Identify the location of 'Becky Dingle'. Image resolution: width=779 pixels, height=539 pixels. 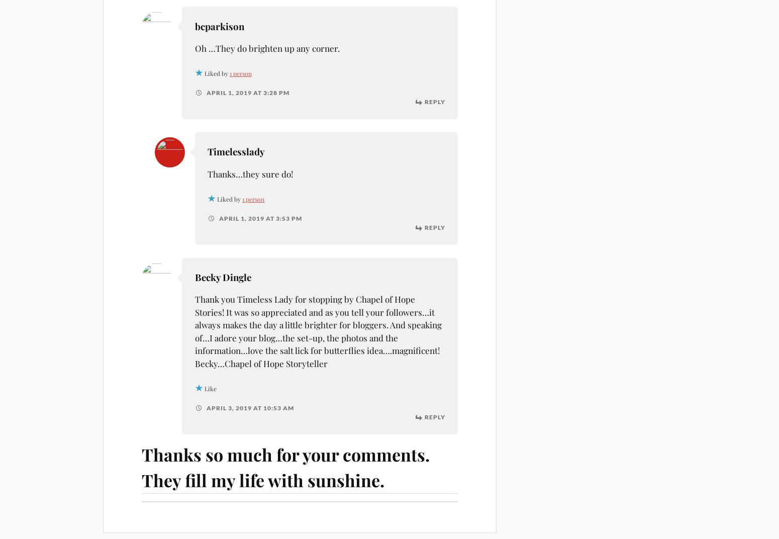
(222, 277).